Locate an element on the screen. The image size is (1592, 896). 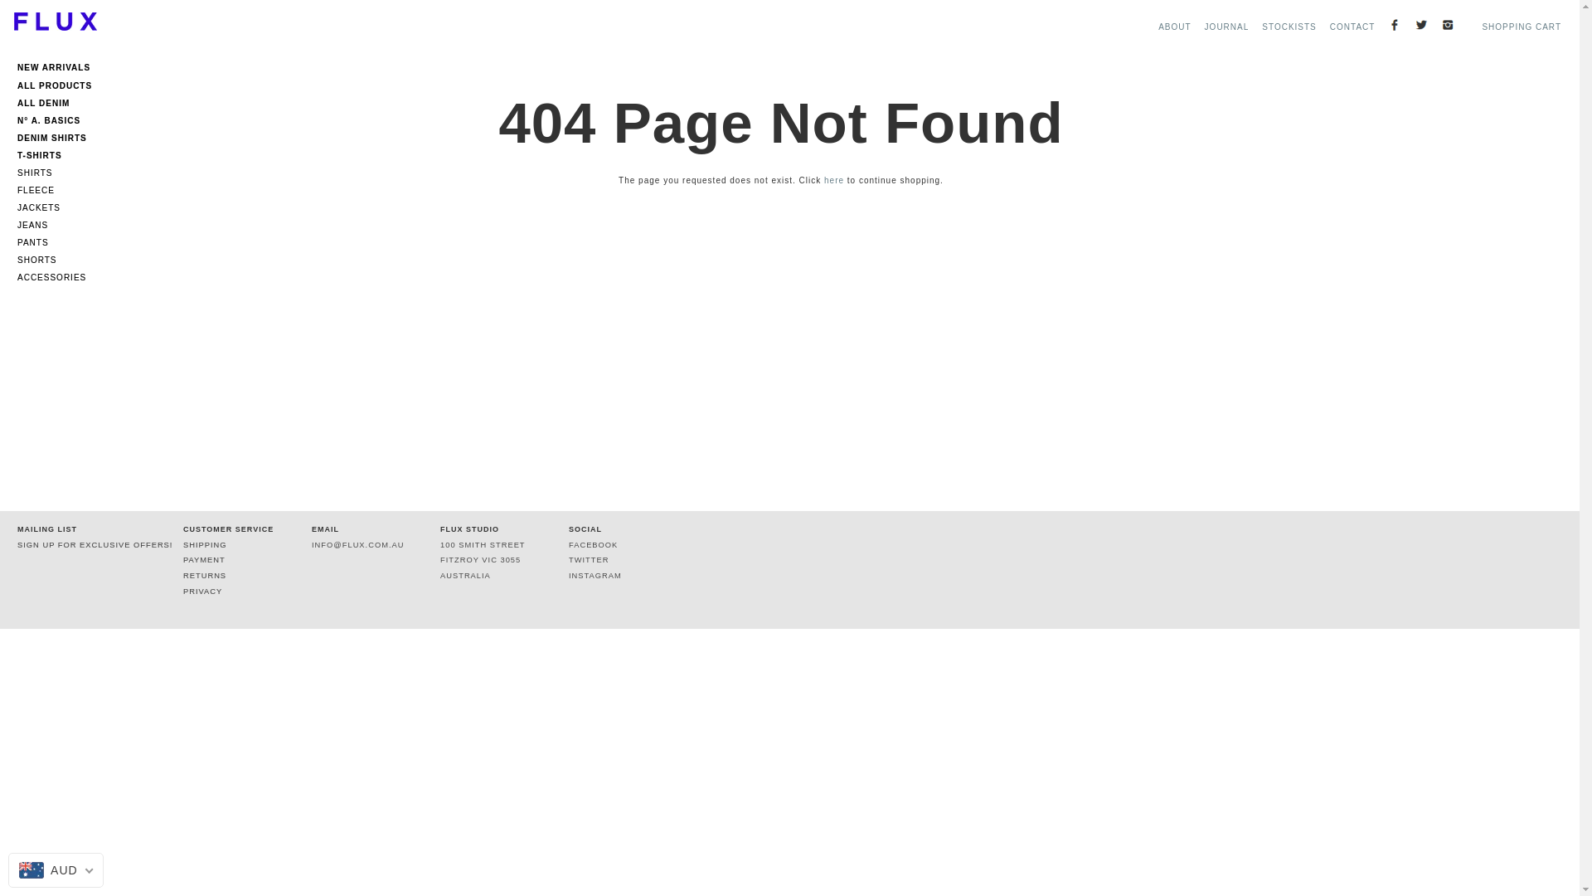
'SHIPPING' is located at coordinates (182, 544).